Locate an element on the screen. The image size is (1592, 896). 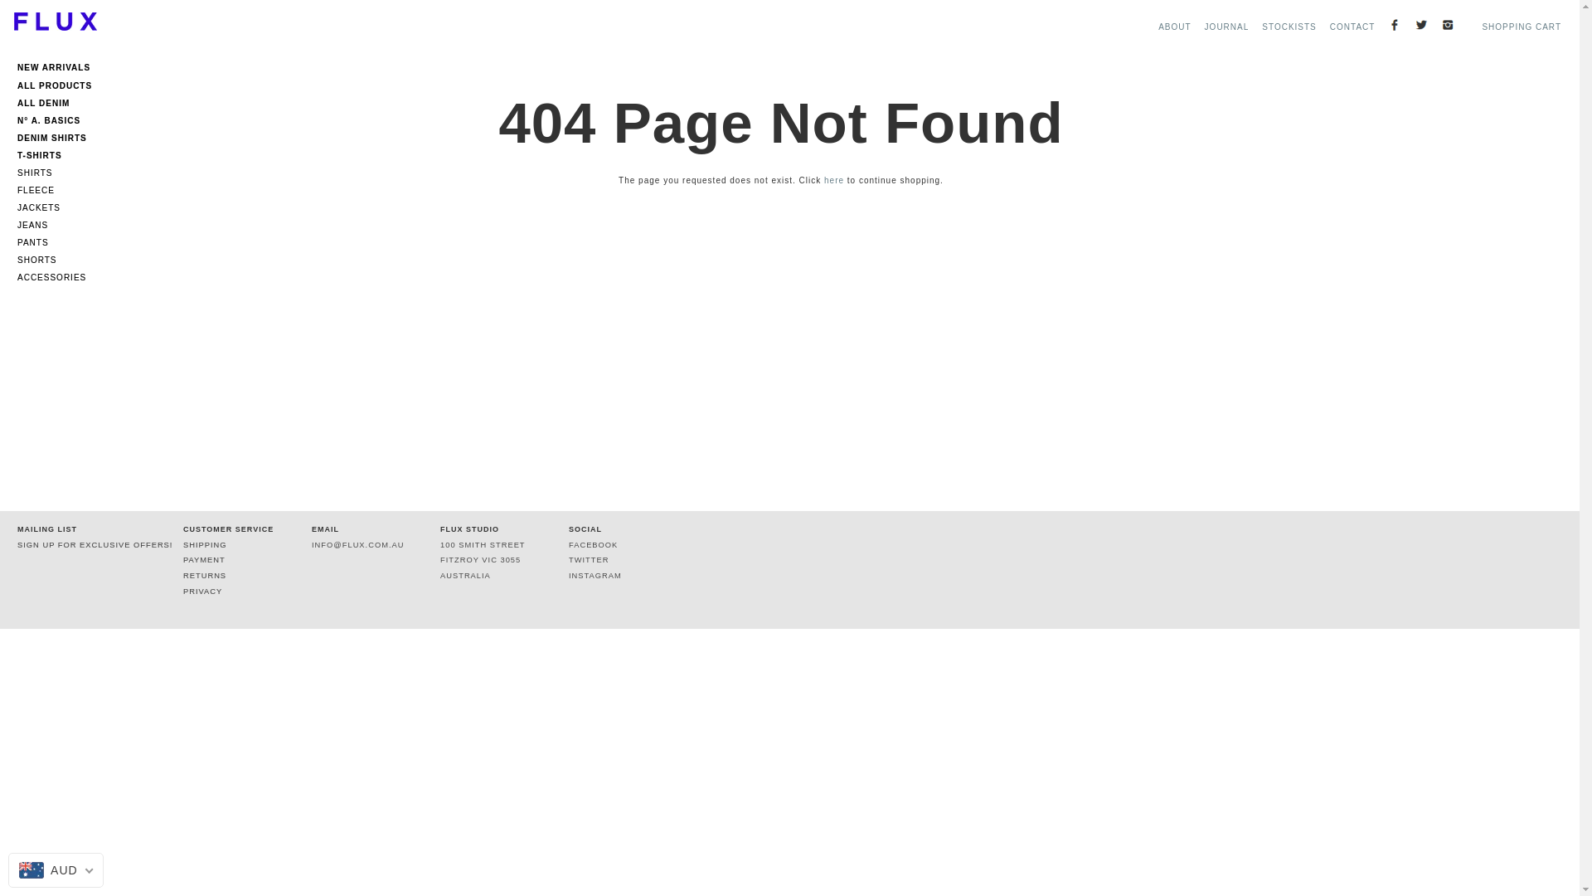
'SHIPPING' is located at coordinates (182, 544).